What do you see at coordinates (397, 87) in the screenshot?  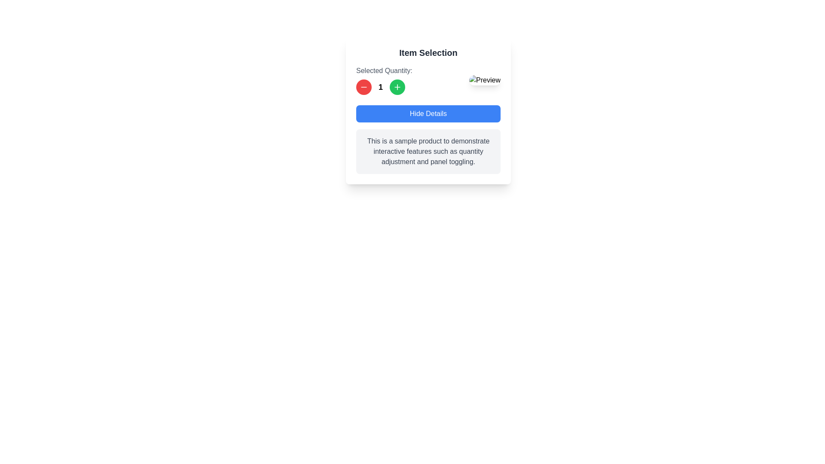 I see `the central increment button under the 'Selected Quantity' label to increase the quantity of the selected item` at bounding box center [397, 87].